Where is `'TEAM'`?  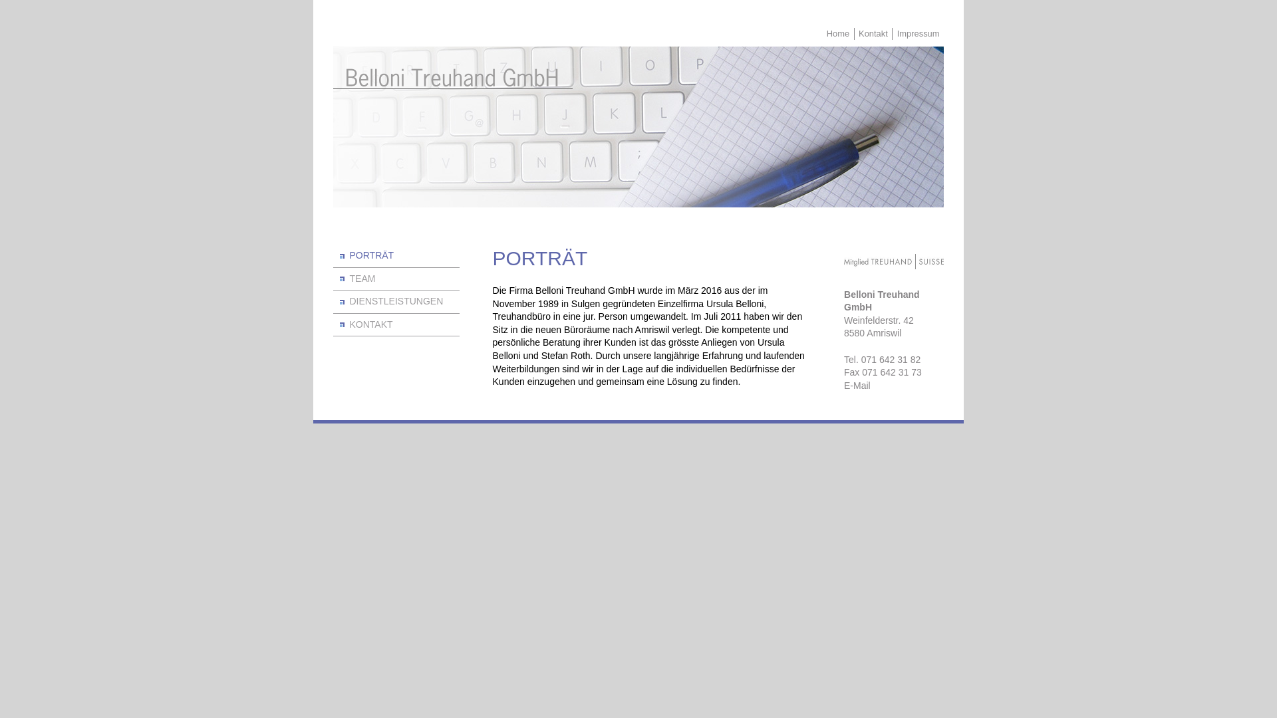 'TEAM' is located at coordinates (395, 279).